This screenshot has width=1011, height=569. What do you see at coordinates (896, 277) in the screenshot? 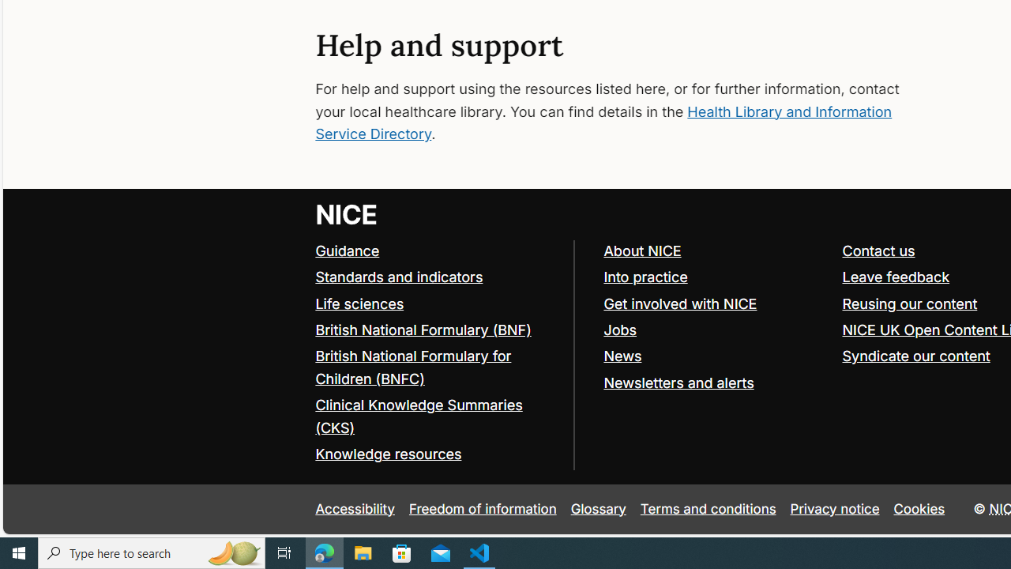
I see `'Leave feedback'` at bounding box center [896, 277].